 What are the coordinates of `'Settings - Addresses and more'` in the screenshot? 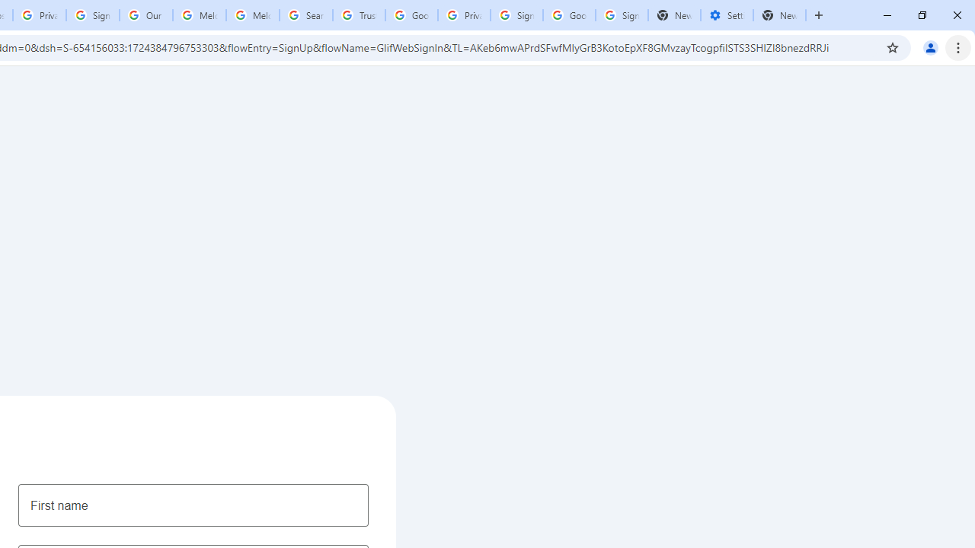 It's located at (726, 15).